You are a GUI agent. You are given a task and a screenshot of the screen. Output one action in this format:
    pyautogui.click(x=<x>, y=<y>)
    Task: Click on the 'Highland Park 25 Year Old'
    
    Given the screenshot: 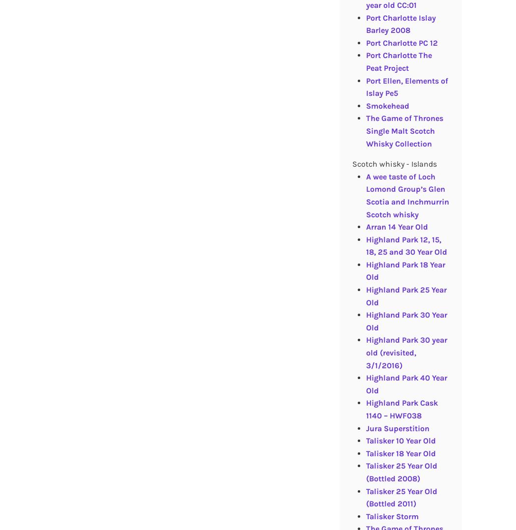 What is the action you would take?
    pyautogui.click(x=406, y=295)
    